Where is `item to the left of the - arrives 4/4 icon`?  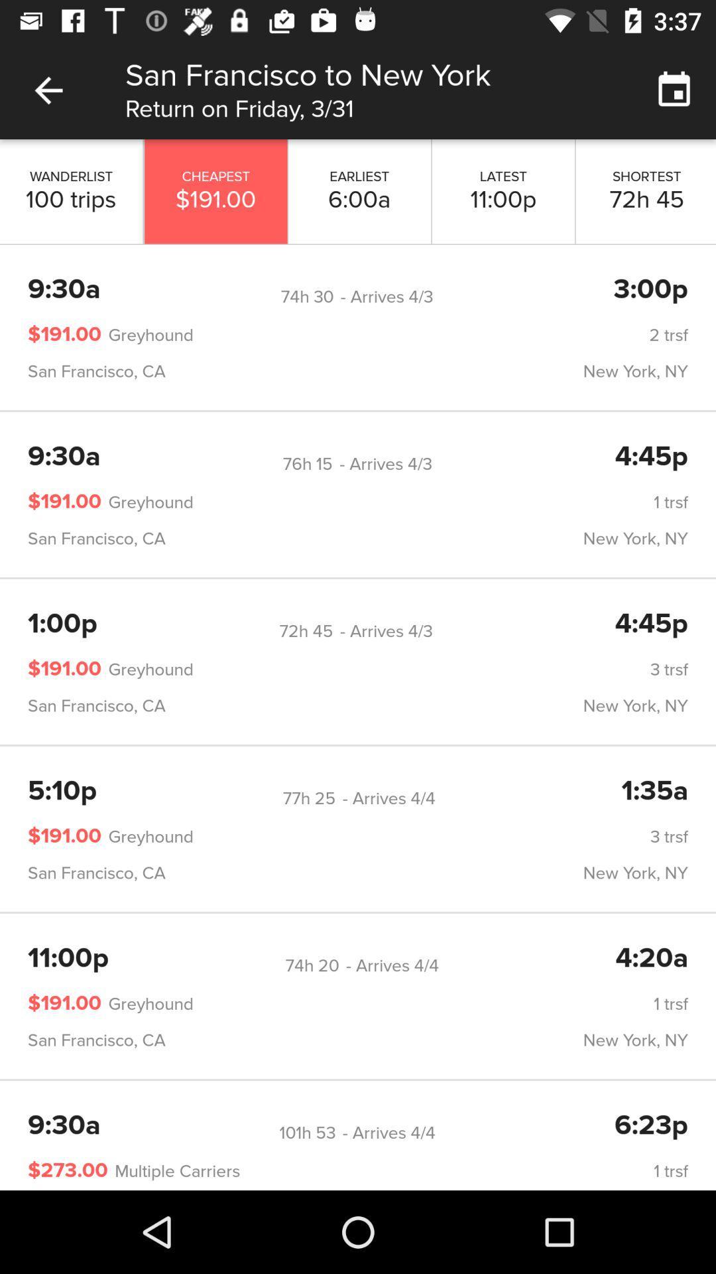
item to the left of the - arrives 4/4 icon is located at coordinates (307, 1132).